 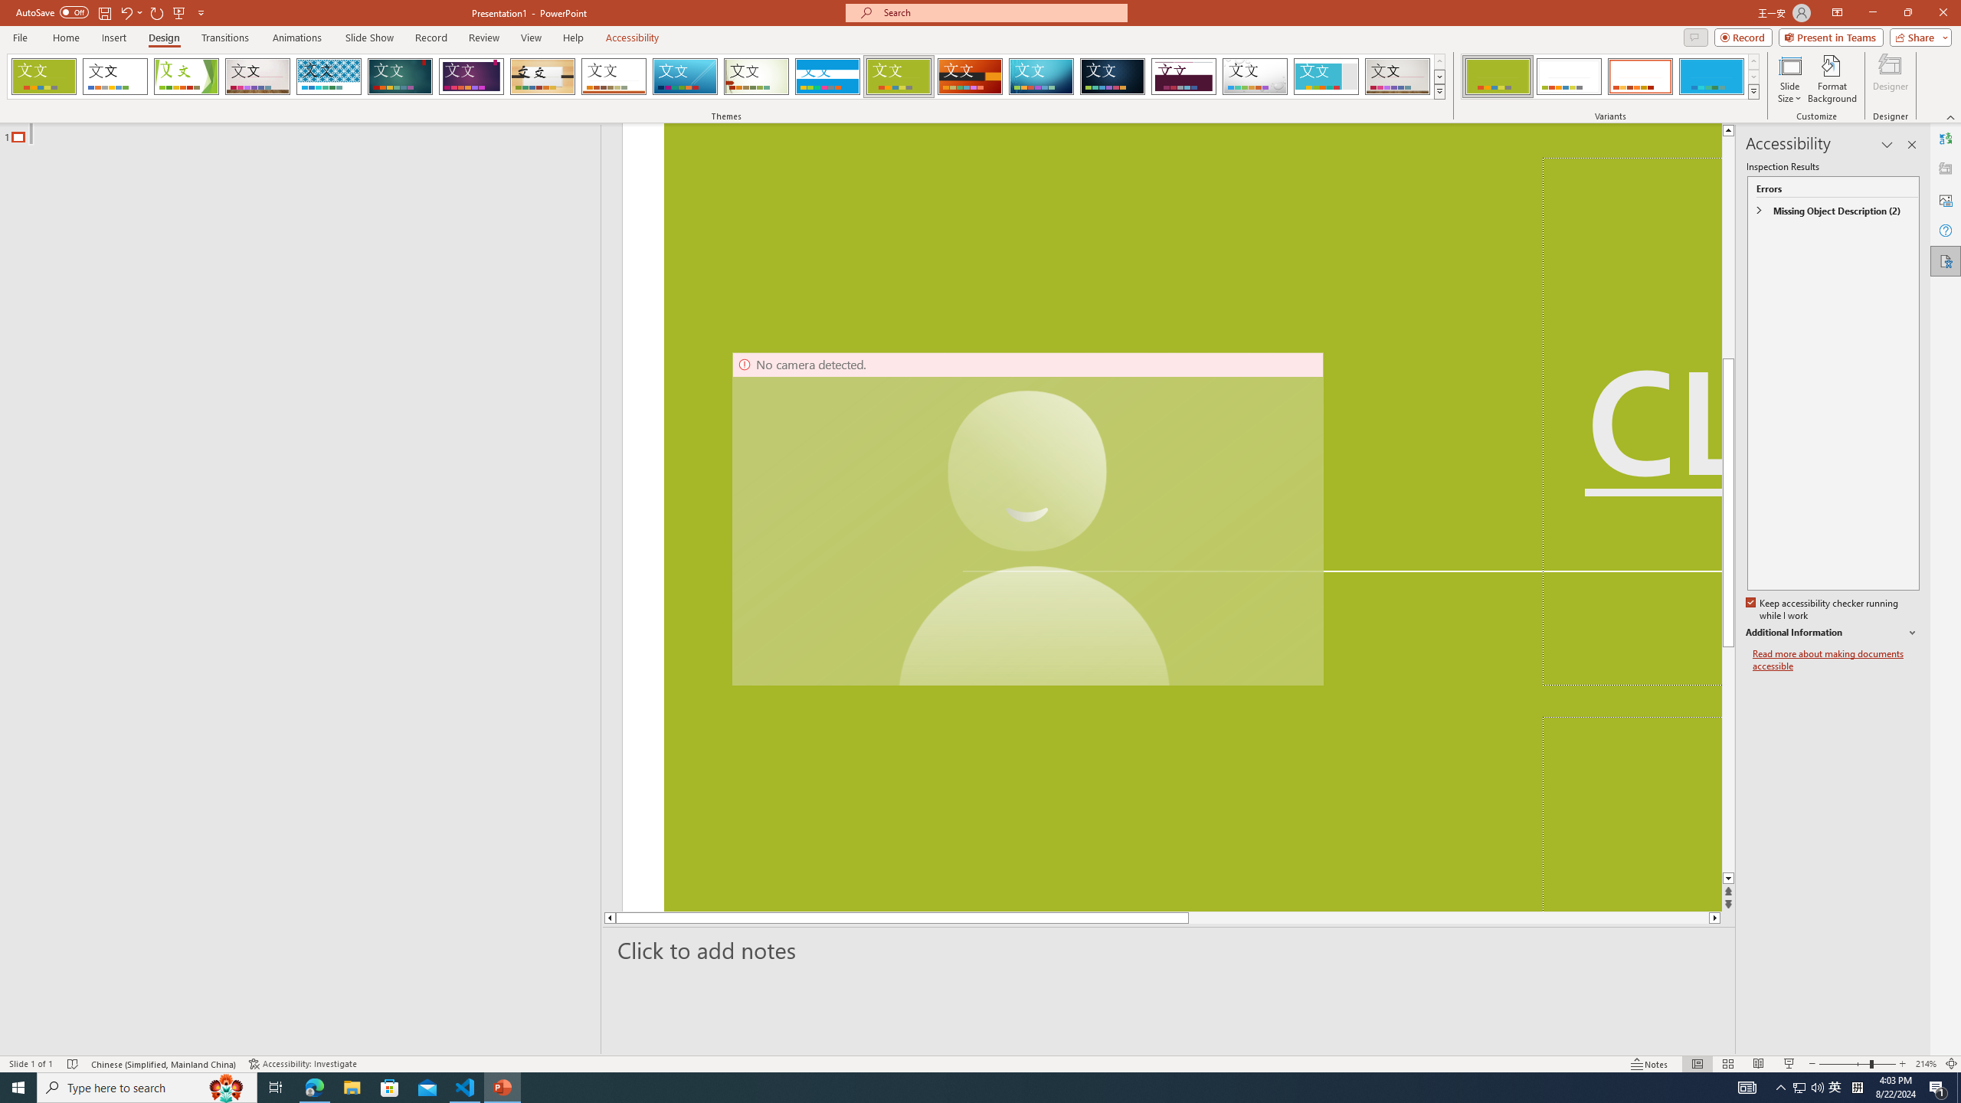 What do you see at coordinates (1398, 76) in the screenshot?
I see `'Gallery'` at bounding box center [1398, 76].